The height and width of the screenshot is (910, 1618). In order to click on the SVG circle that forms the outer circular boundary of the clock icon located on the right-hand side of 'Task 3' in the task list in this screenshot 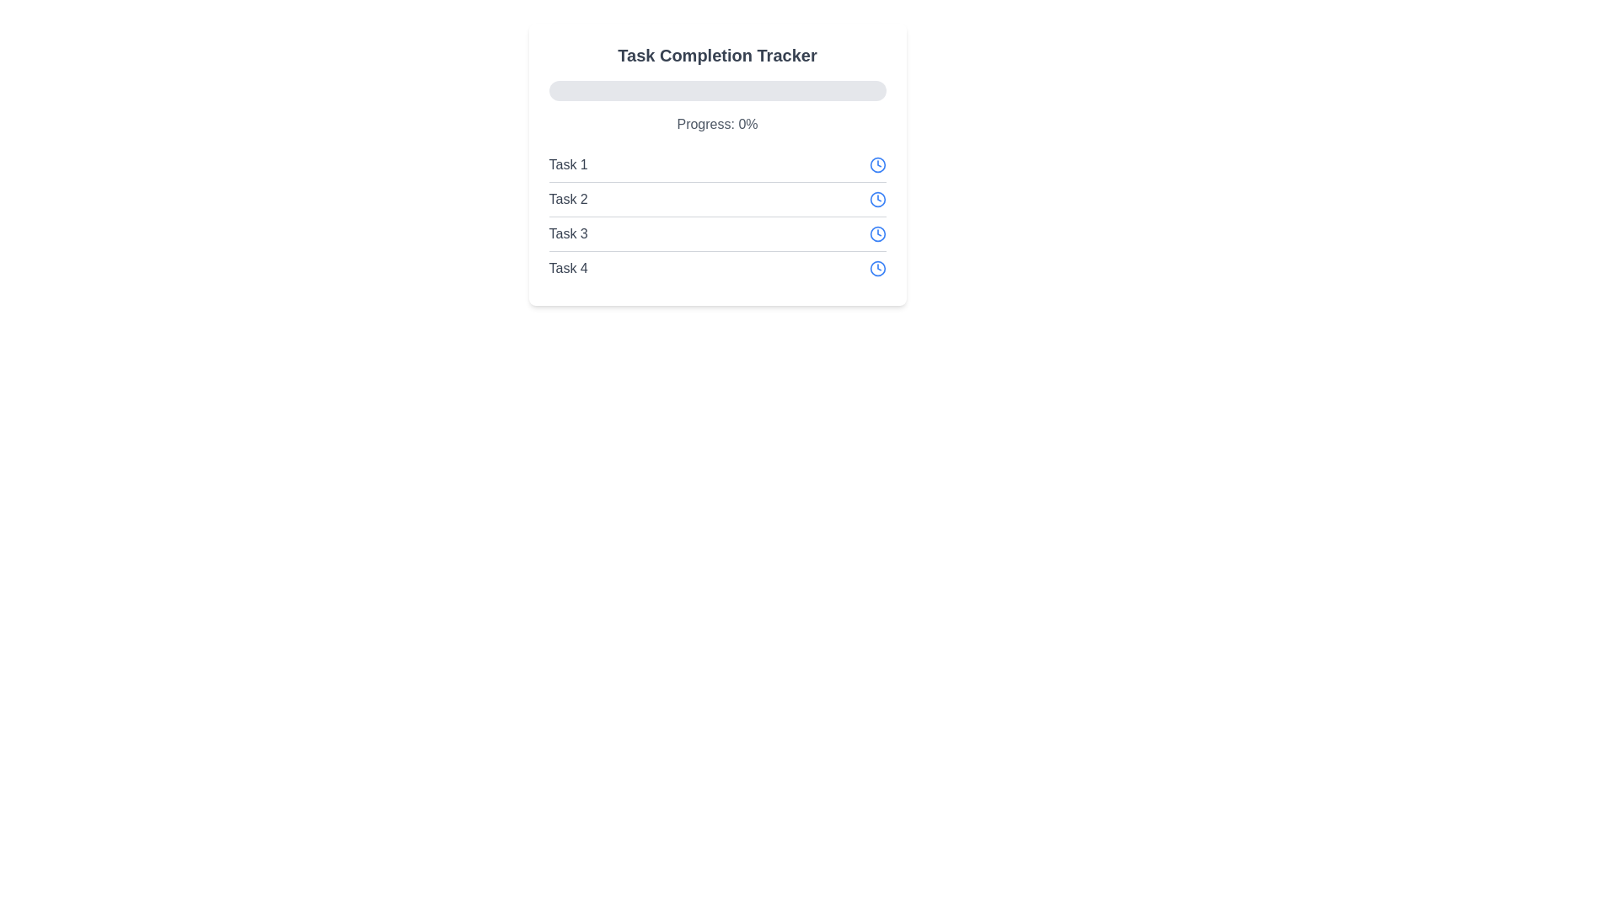, I will do `click(876, 233)`.